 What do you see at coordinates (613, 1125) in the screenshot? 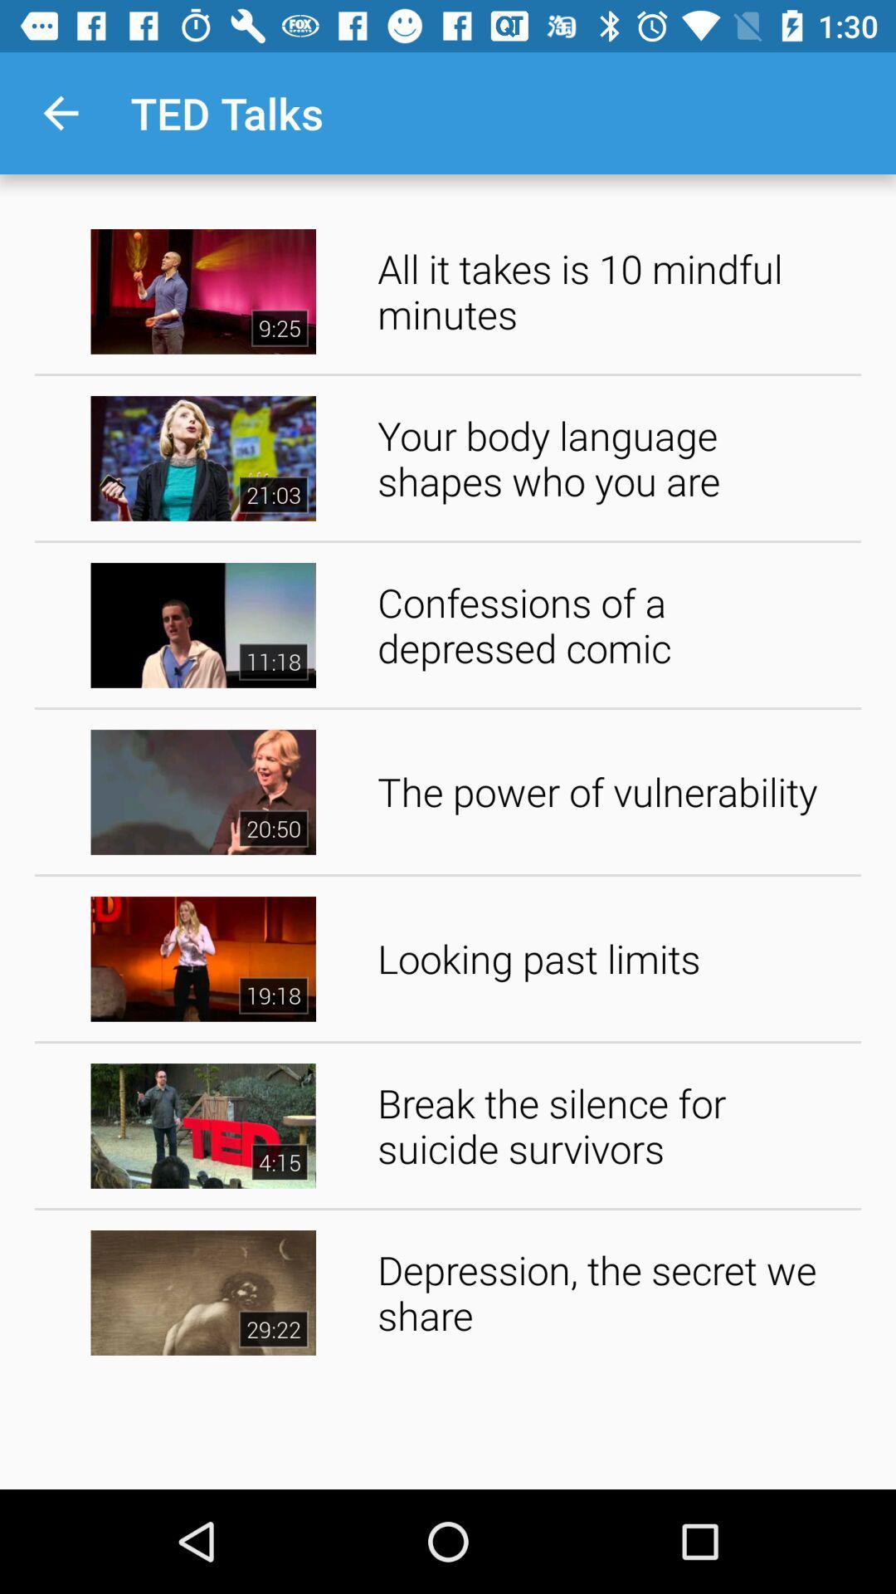
I see `the icon above the depression the secret` at bounding box center [613, 1125].